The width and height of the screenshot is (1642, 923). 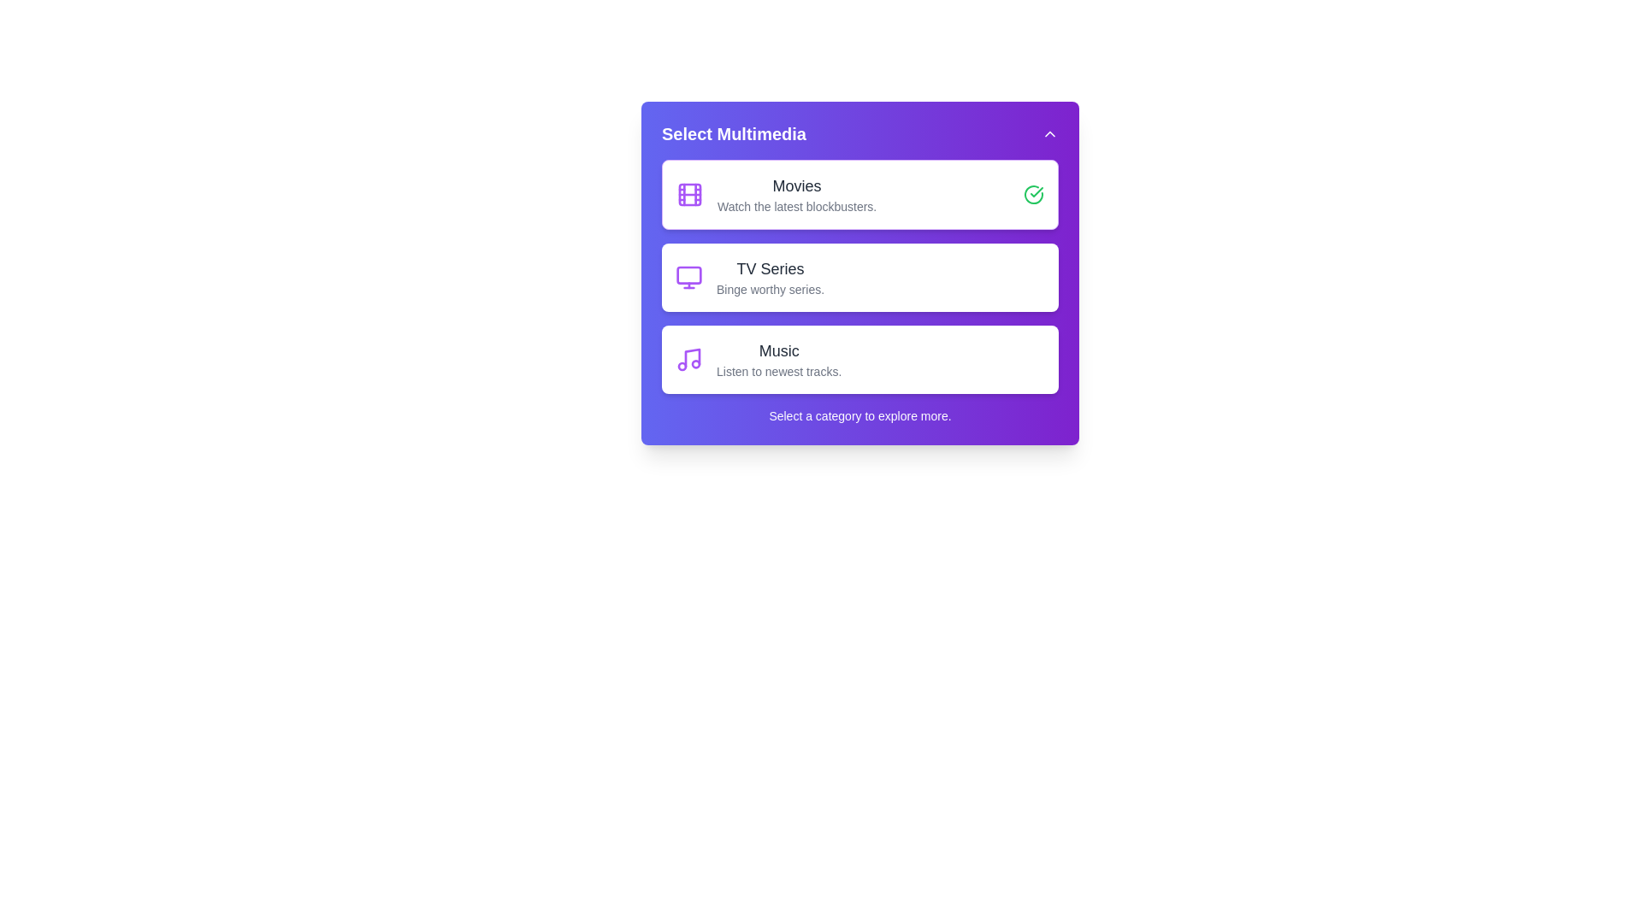 I want to click on the category TV Series to see its hover effect, so click(x=860, y=276).